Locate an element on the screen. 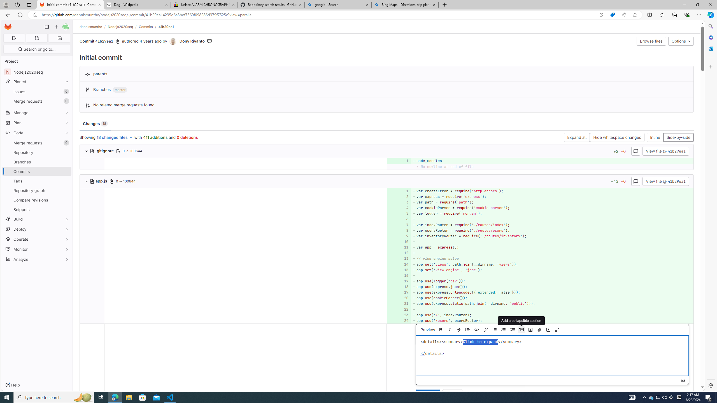  'Compare revisions' is located at coordinates (36, 200).